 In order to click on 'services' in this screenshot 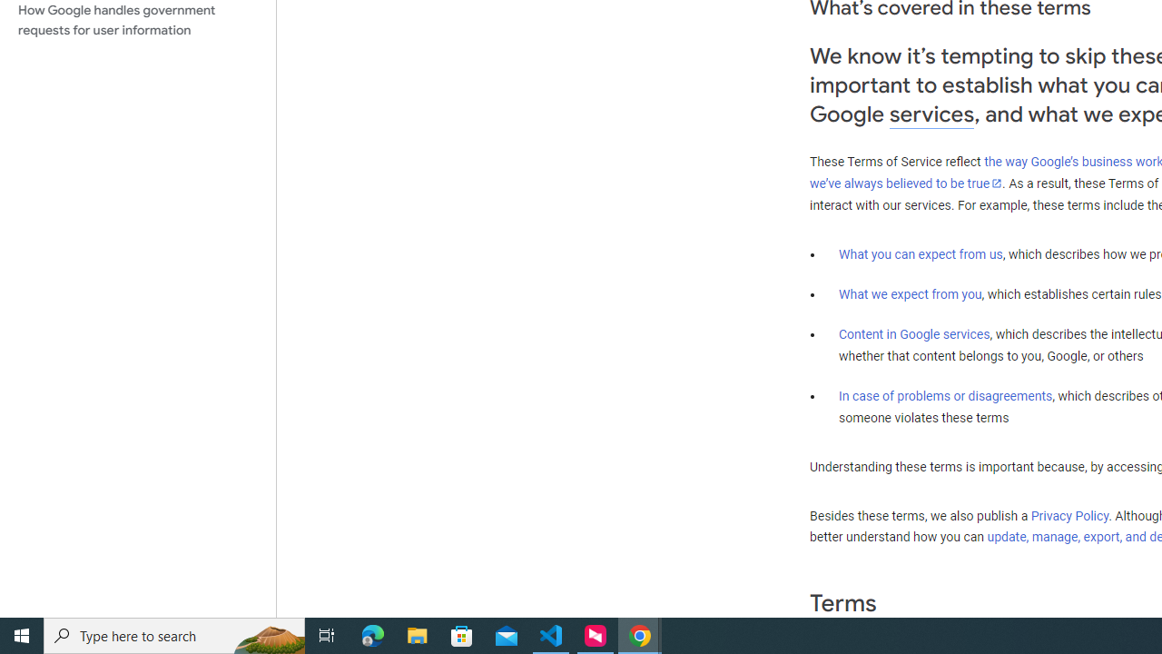, I will do `click(931, 114)`.